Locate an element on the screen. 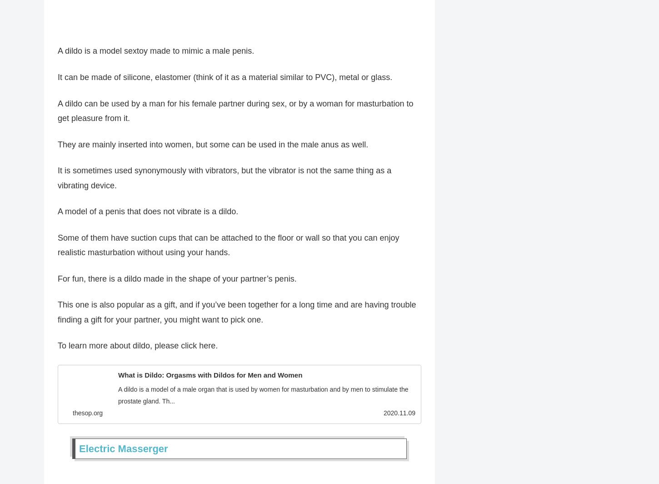  'It is sometimes used synonymously with vibrators, but the vibrator is not the same thing as a vibrating device.' is located at coordinates (225, 181).